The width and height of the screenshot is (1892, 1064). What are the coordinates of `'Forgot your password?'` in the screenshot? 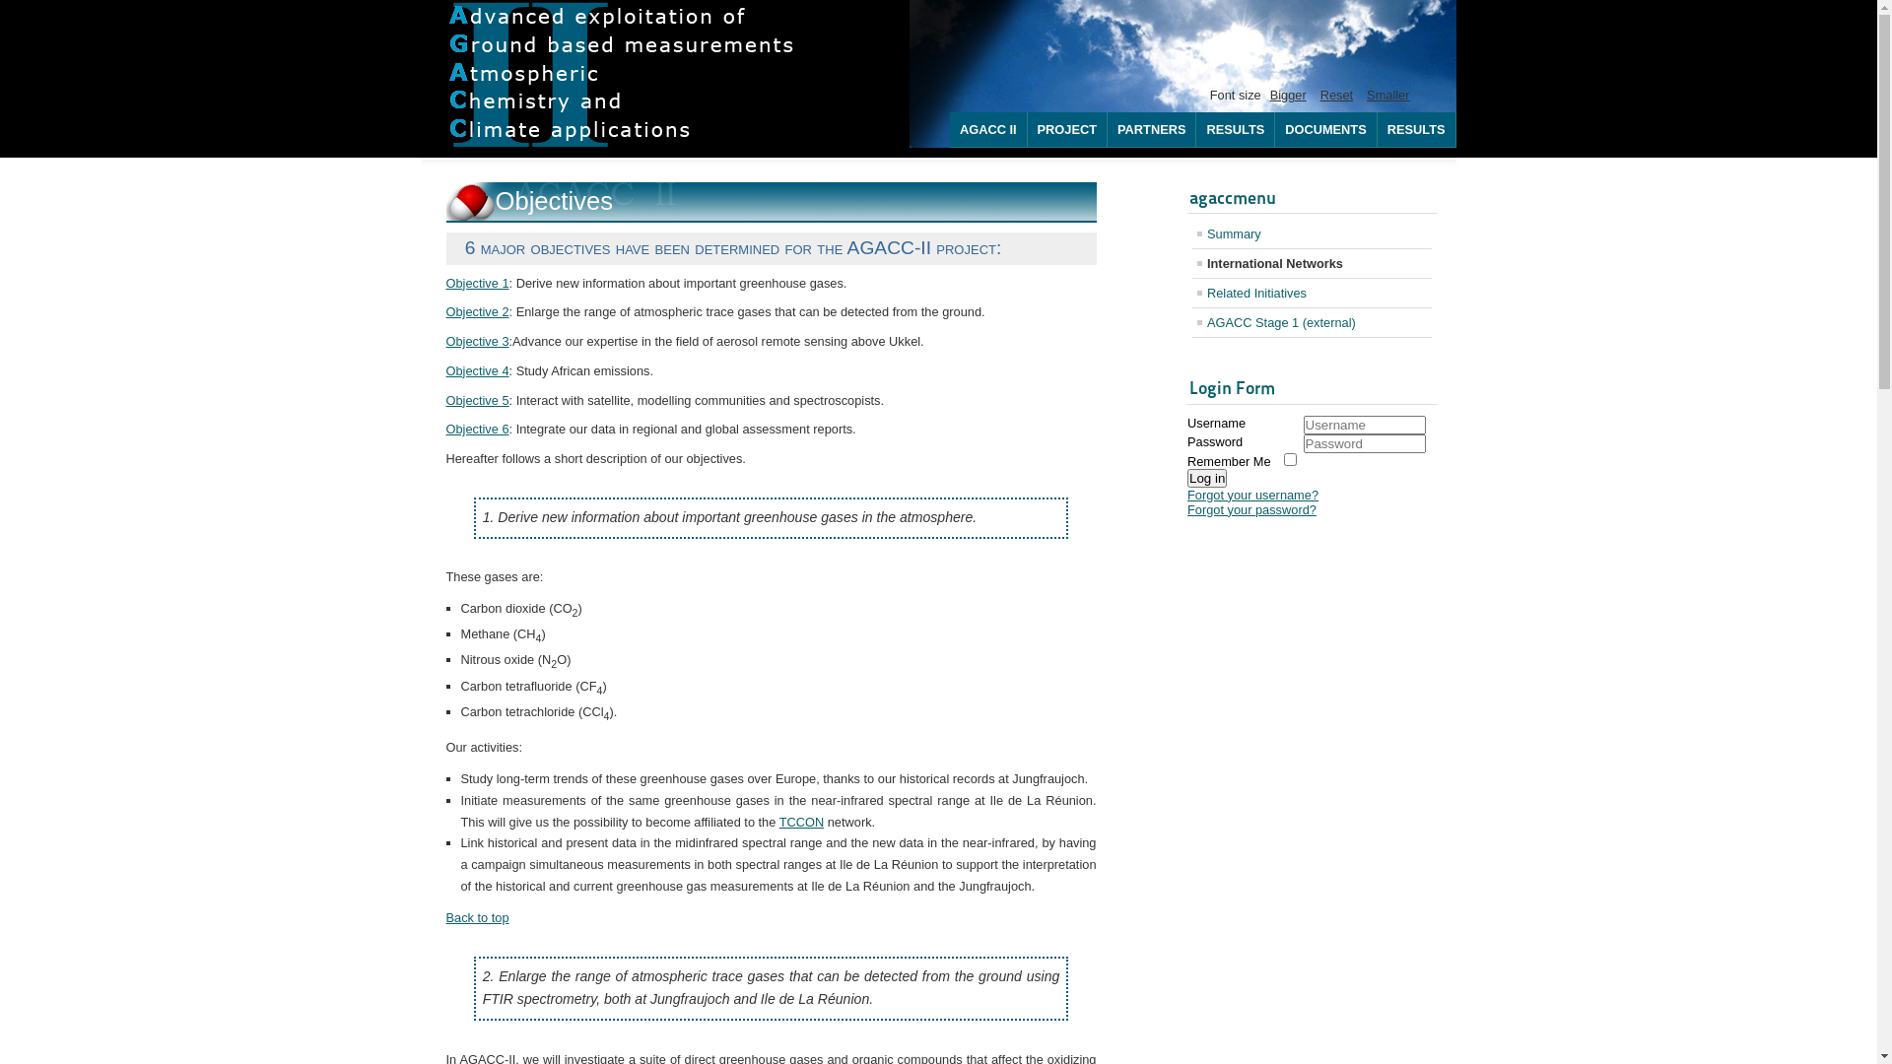 It's located at (1185, 508).